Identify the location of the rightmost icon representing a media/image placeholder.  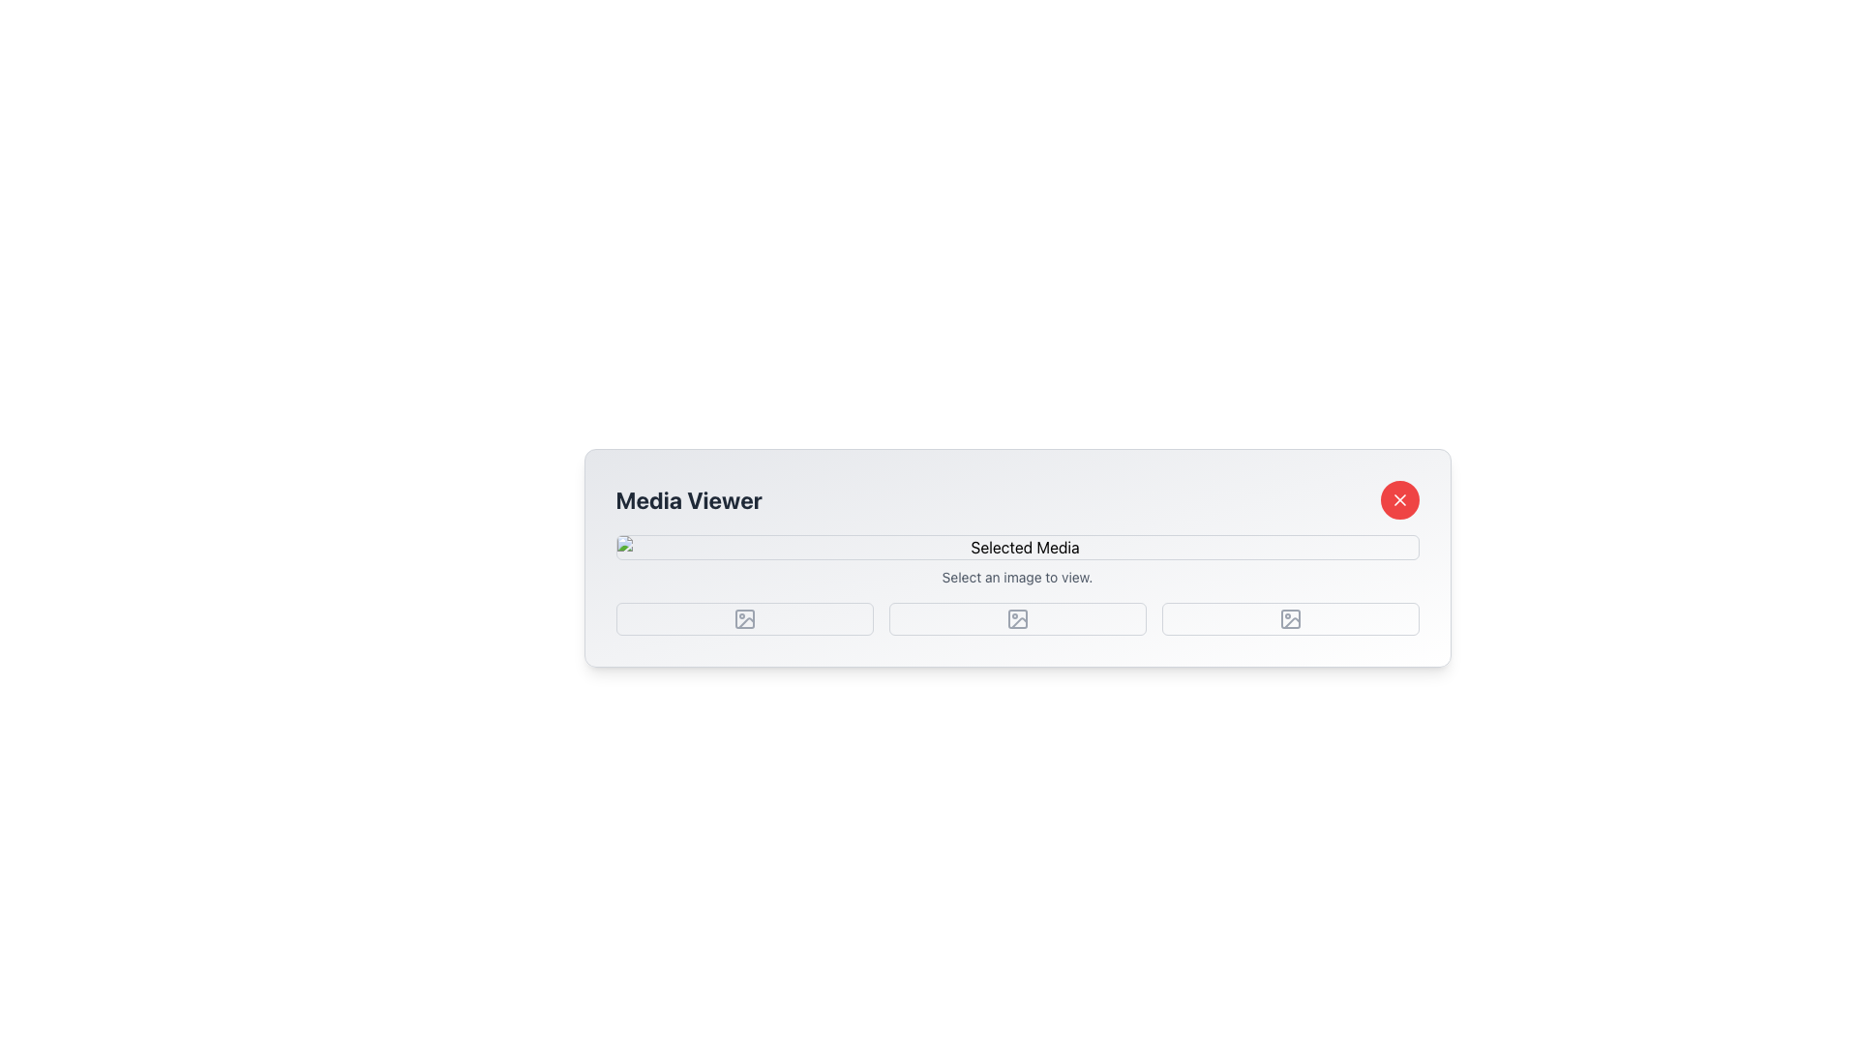
(1290, 619).